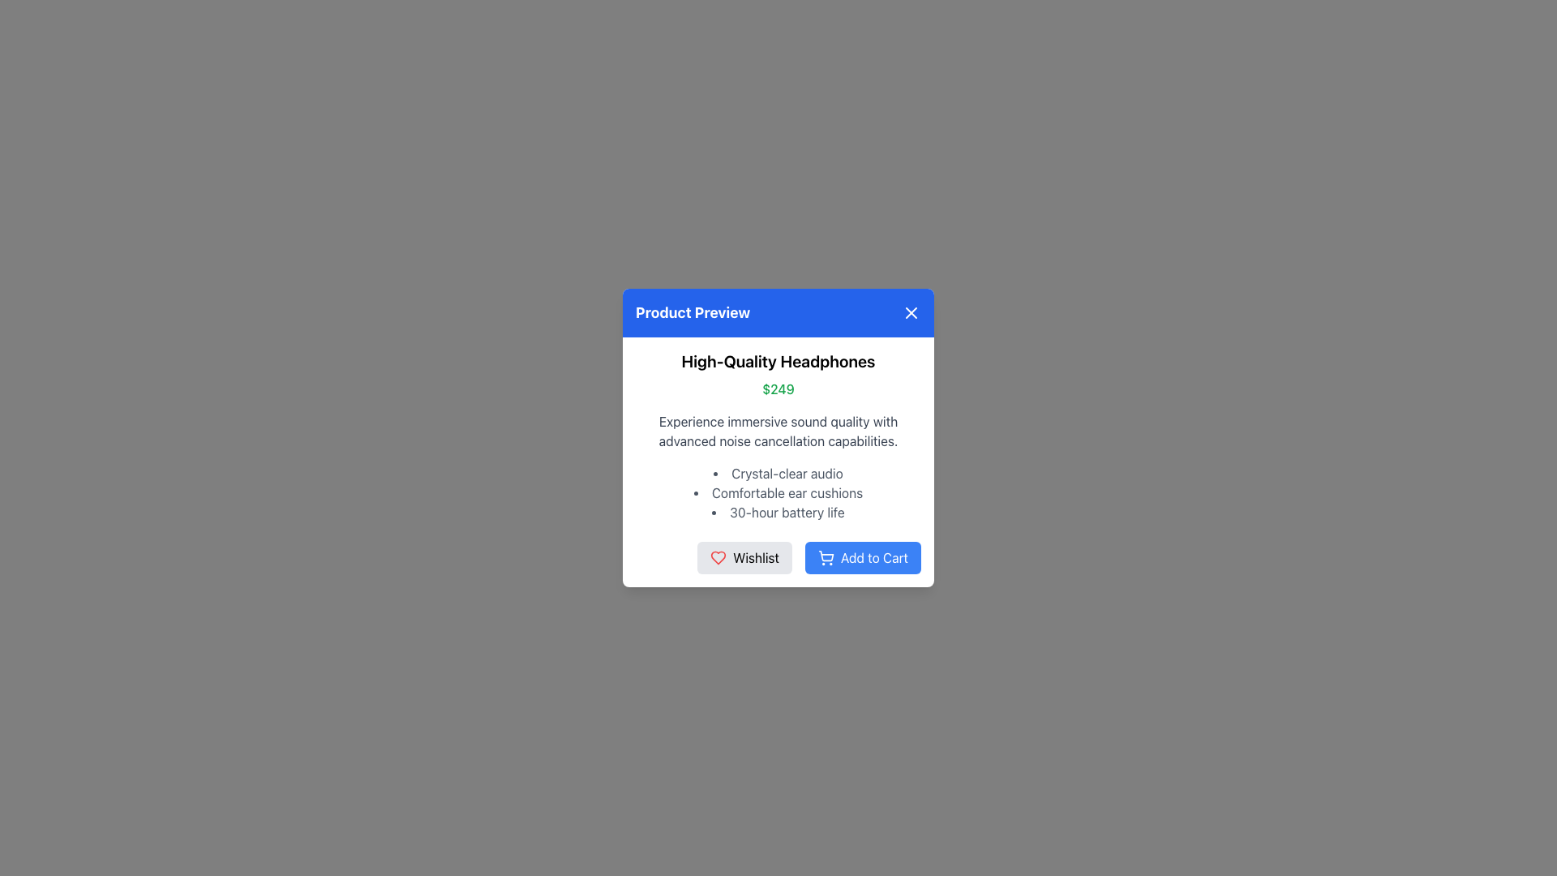 The width and height of the screenshot is (1557, 876). Describe the element at coordinates (911, 312) in the screenshot. I see `the Close Button (icon) represented by an 'X' in the top-right corner of the blue header in the modal dialog` at that location.